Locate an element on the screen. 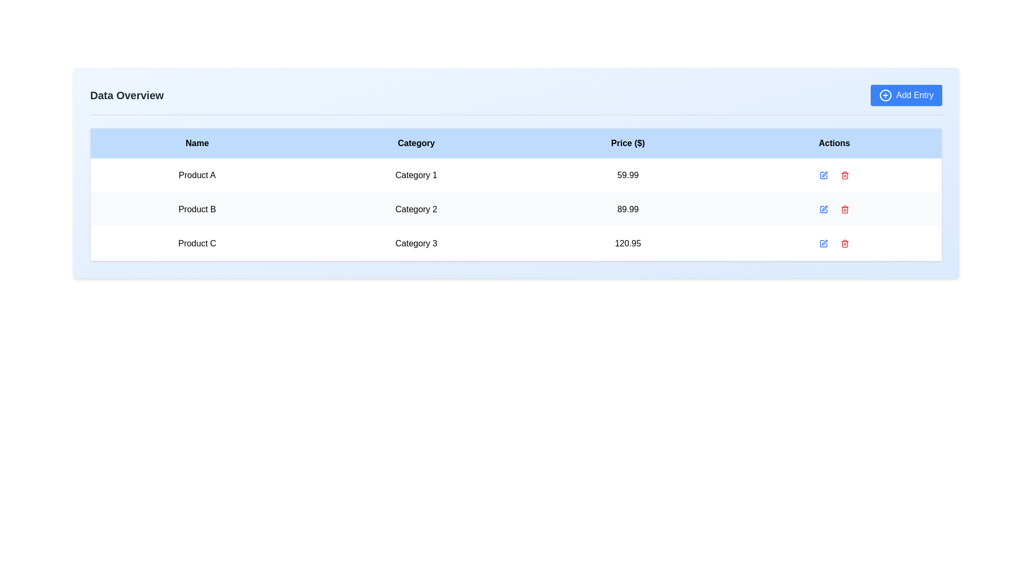  the text label displaying 'Product B', which is located in the second row of the table within the 'Name' column, aligned horizontally with 'Category 2' and '89.99' is located at coordinates (197, 210).